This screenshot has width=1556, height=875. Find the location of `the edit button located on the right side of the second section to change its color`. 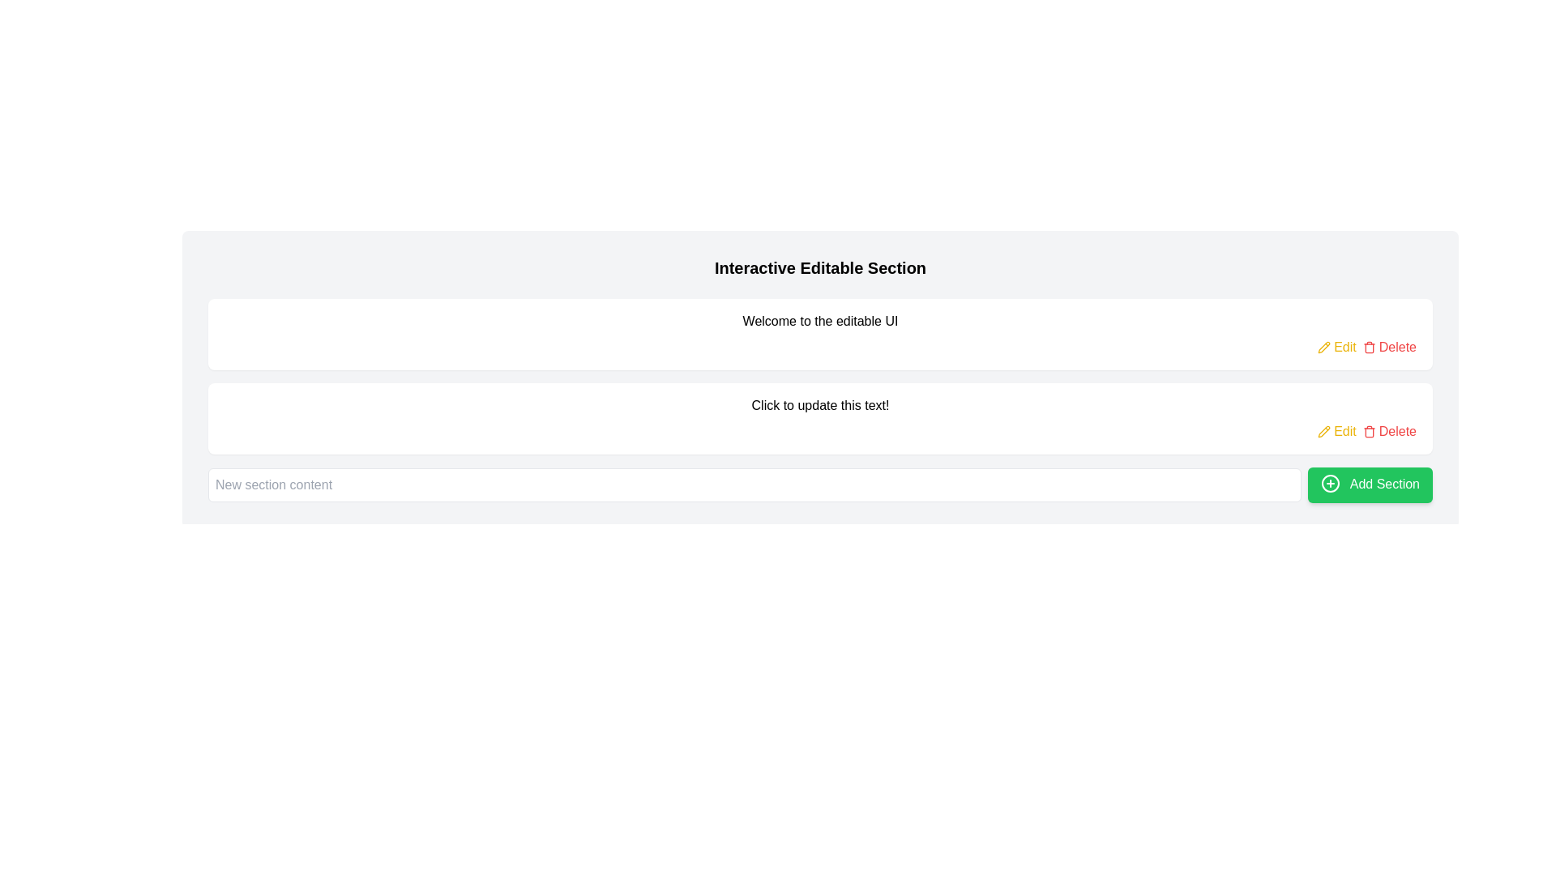

the edit button located on the right side of the second section to change its color is located at coordinates (1337, 346).